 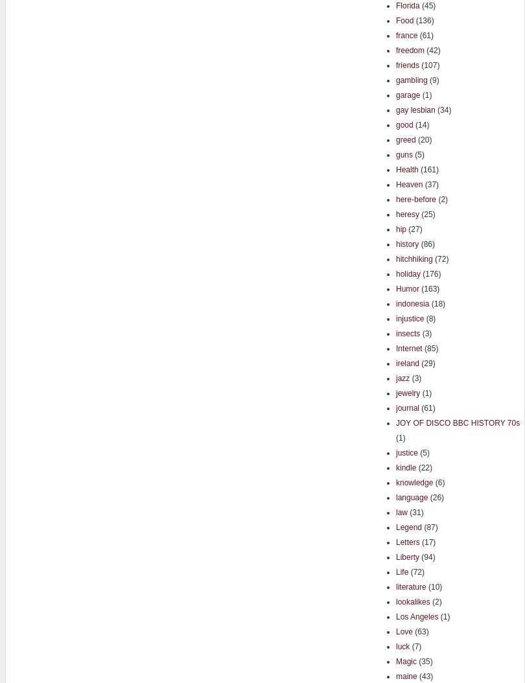 What do you see at coordinates (404, 139) in the screenshot?
I see `'greed'` at bounding box center [404, 139].